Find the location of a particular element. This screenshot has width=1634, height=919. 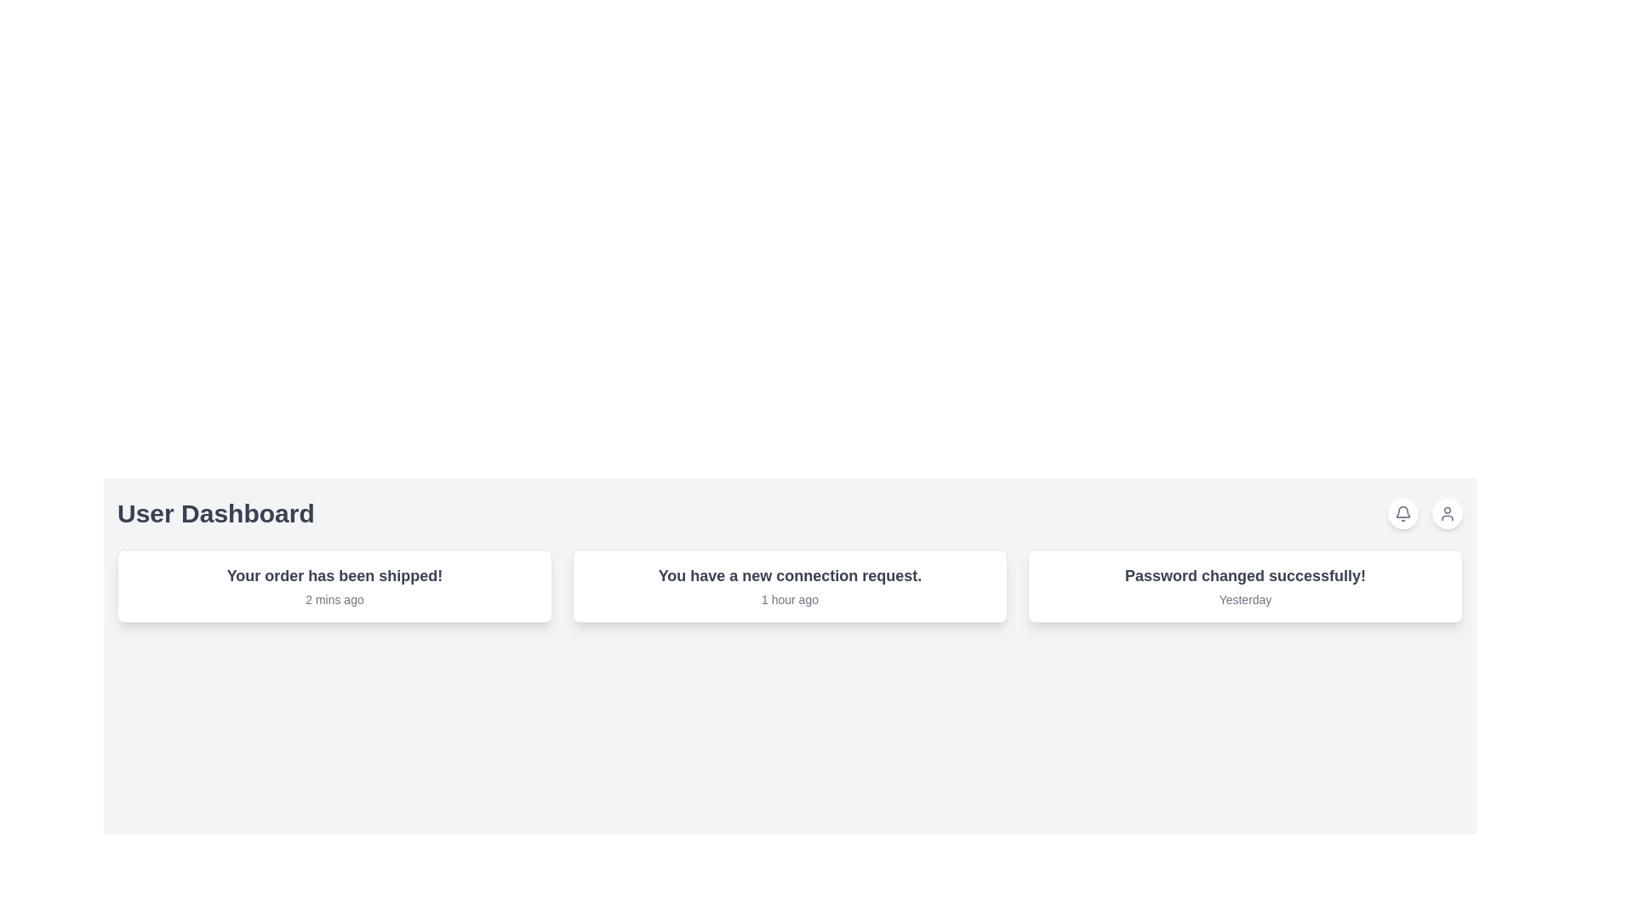

the user silhouette icon located at the top-right corner of the interface, which is the rightmost icon in a group of icons is located at coordinates (1446, 513).